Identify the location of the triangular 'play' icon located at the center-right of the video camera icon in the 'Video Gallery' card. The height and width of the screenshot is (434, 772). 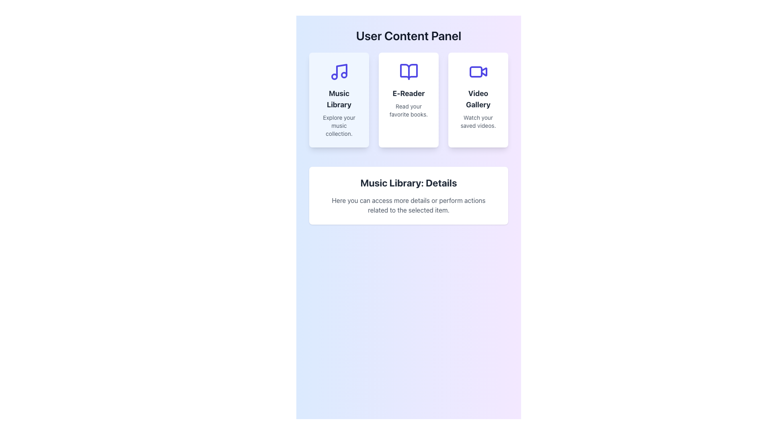
(483, 71).